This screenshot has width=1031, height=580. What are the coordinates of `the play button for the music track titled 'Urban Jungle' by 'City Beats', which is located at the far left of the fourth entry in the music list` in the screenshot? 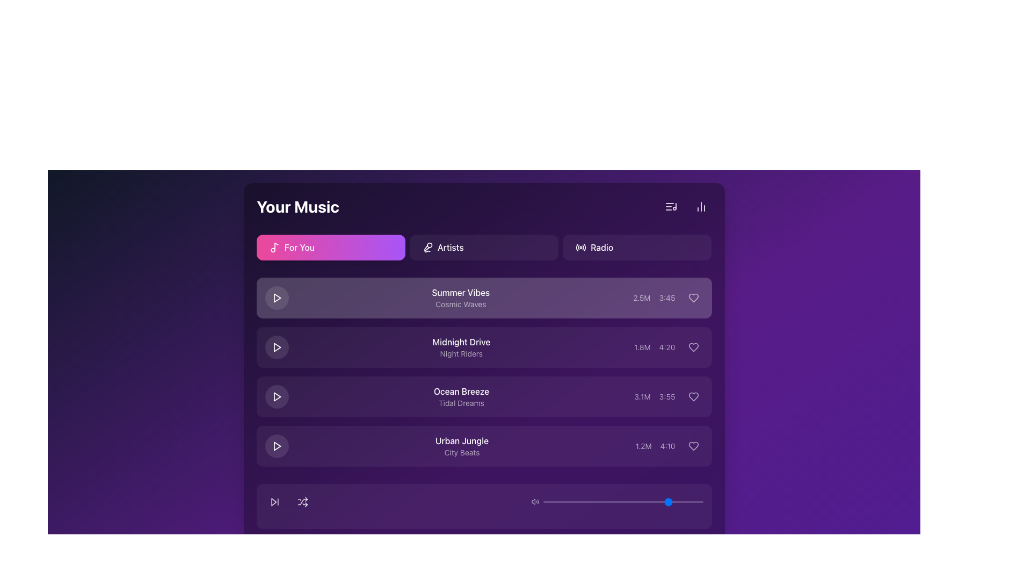 It's located at (277, 446).